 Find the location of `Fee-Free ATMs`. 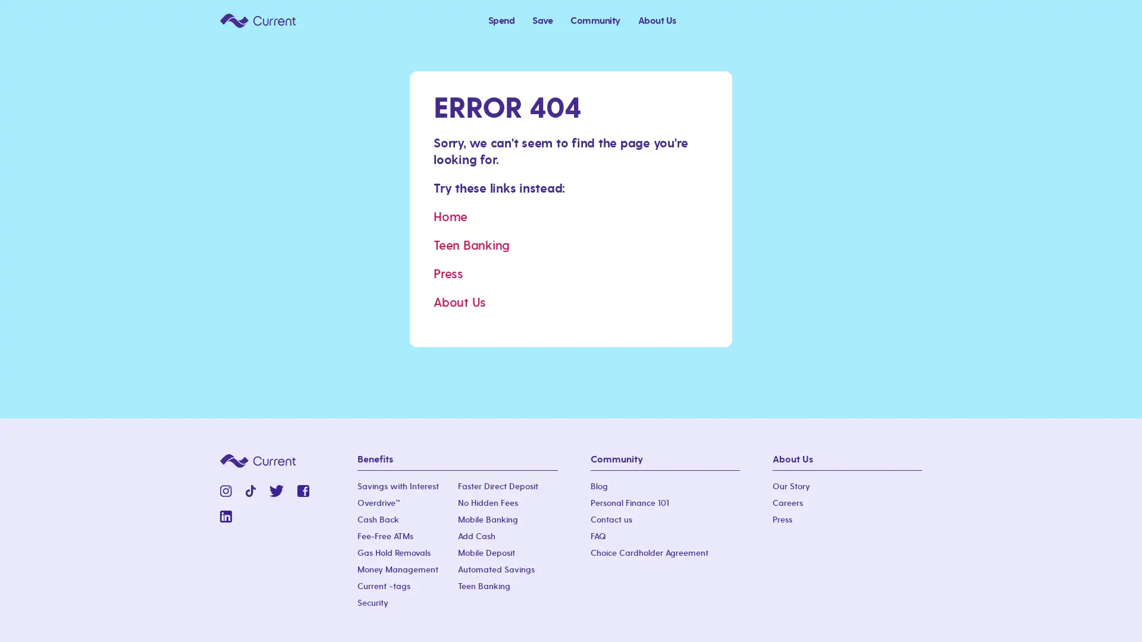

Fee-Free ATMs is located at coordinates (385, 536).